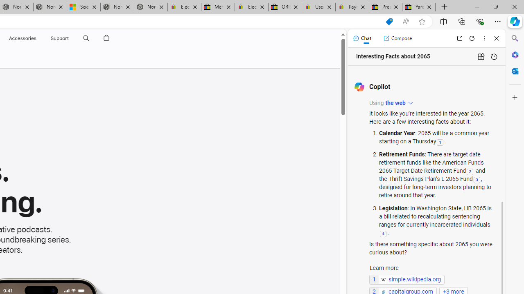  Describe the element at coordinates (318, 7) in the screenshot. I see `'User Privacy Notice | eBay'` at that location.